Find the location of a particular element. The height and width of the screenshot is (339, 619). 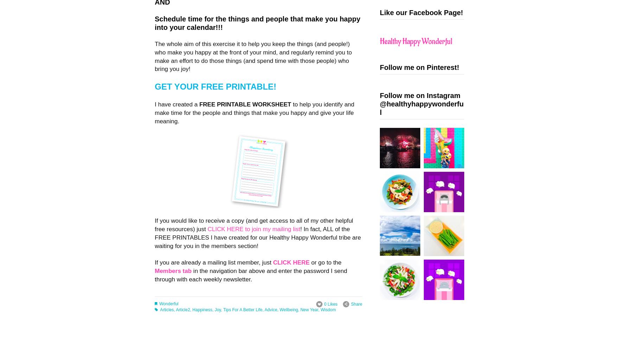

'Tips for a Better Life' is located at coordinates (242, 309).